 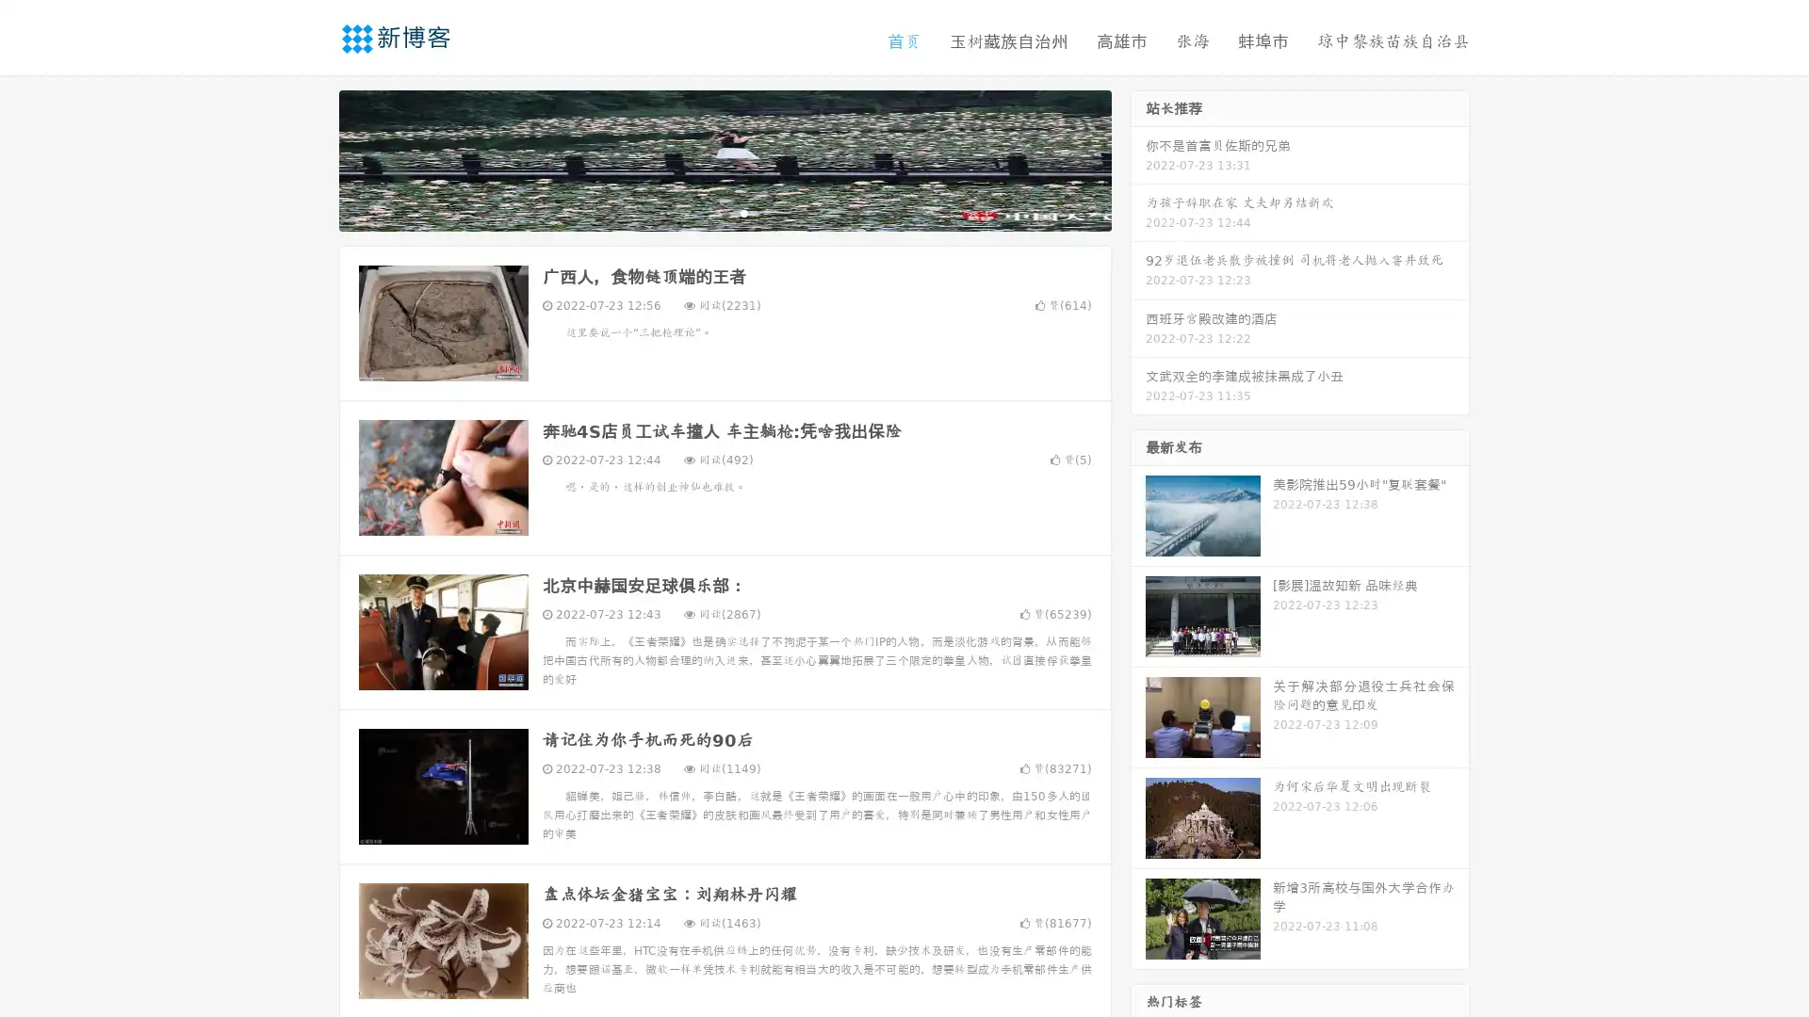 I want to click on Previous slide, so click(x=311, y=158).